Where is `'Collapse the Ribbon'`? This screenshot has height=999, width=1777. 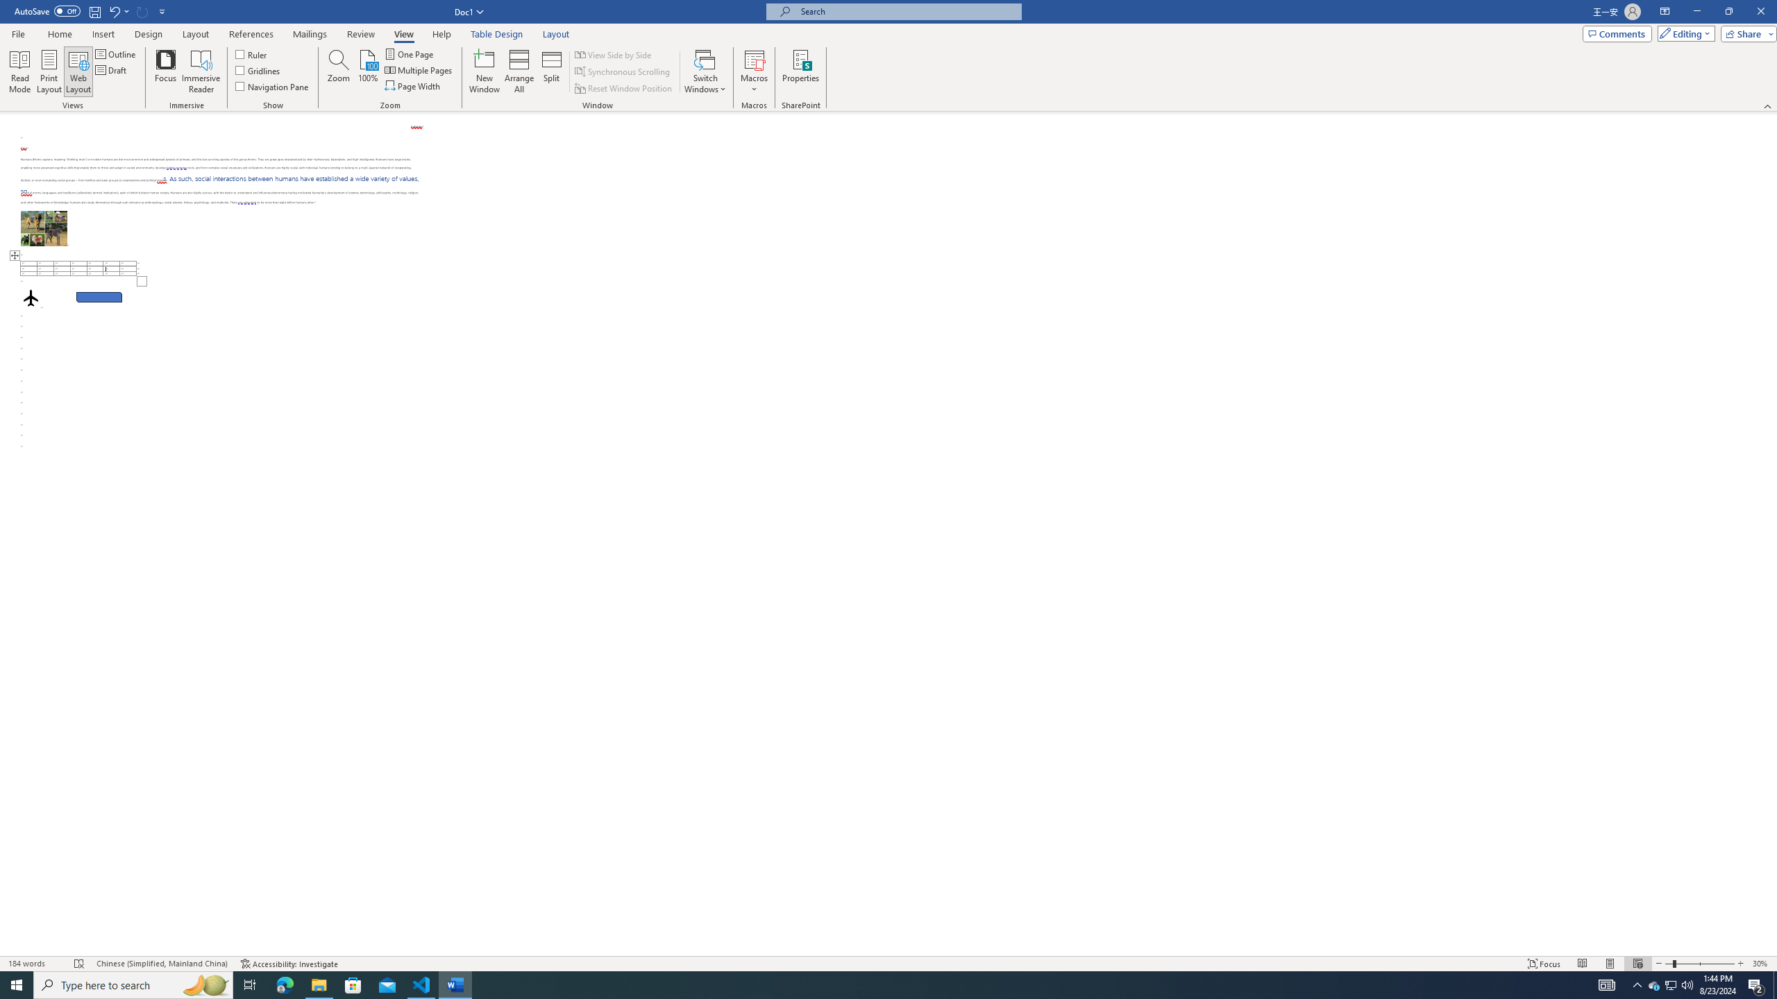 'Collapse the Ribbon' is located at coordinates (1768, 106).